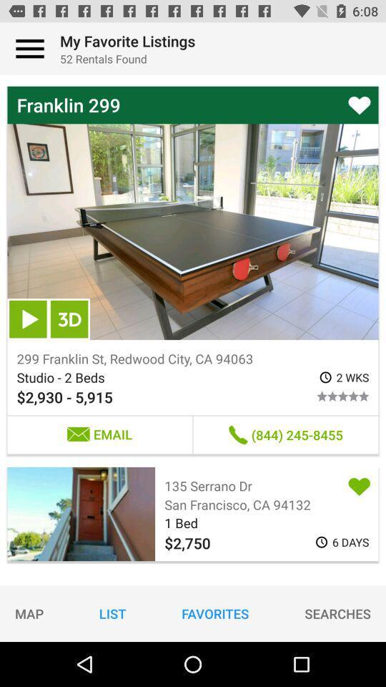  Describe the element at coordinates (28, 319) in the screenshot. I see `item above the 299 franklin st` at that location.